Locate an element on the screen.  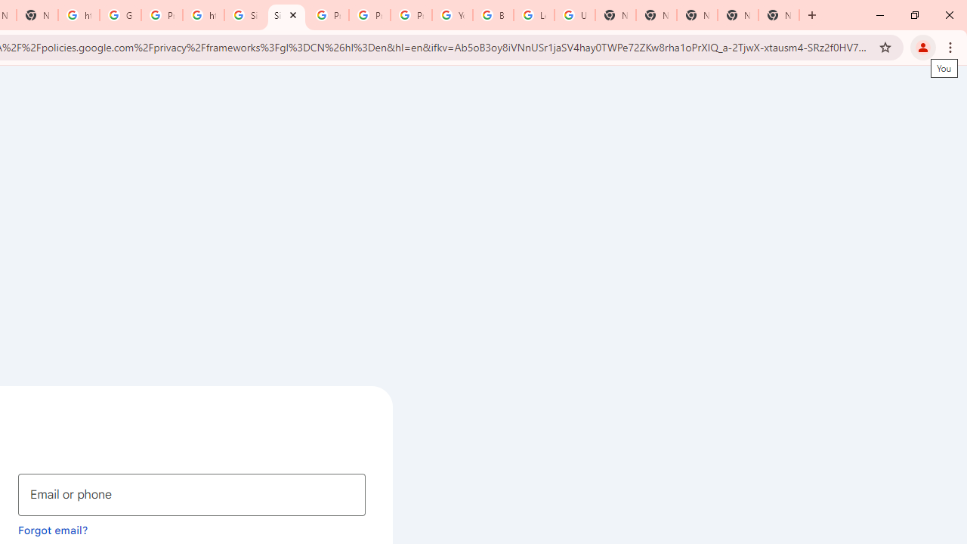
'Privacy Help Center - Policies Help' is located at coordinates (369, 15).